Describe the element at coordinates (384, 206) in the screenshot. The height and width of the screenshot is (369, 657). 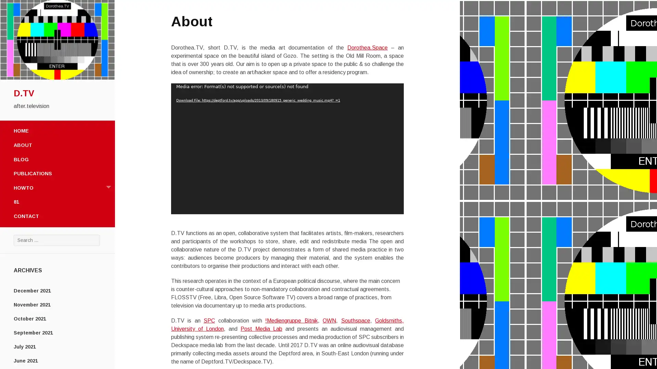
I see `Mute` at that location.